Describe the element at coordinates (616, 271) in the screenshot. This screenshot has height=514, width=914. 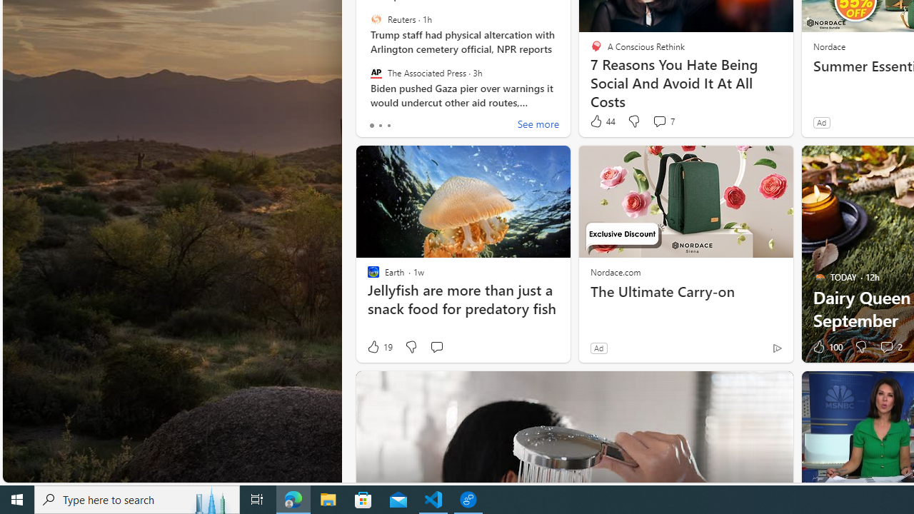
I see `'Nordace.com'` at that location.